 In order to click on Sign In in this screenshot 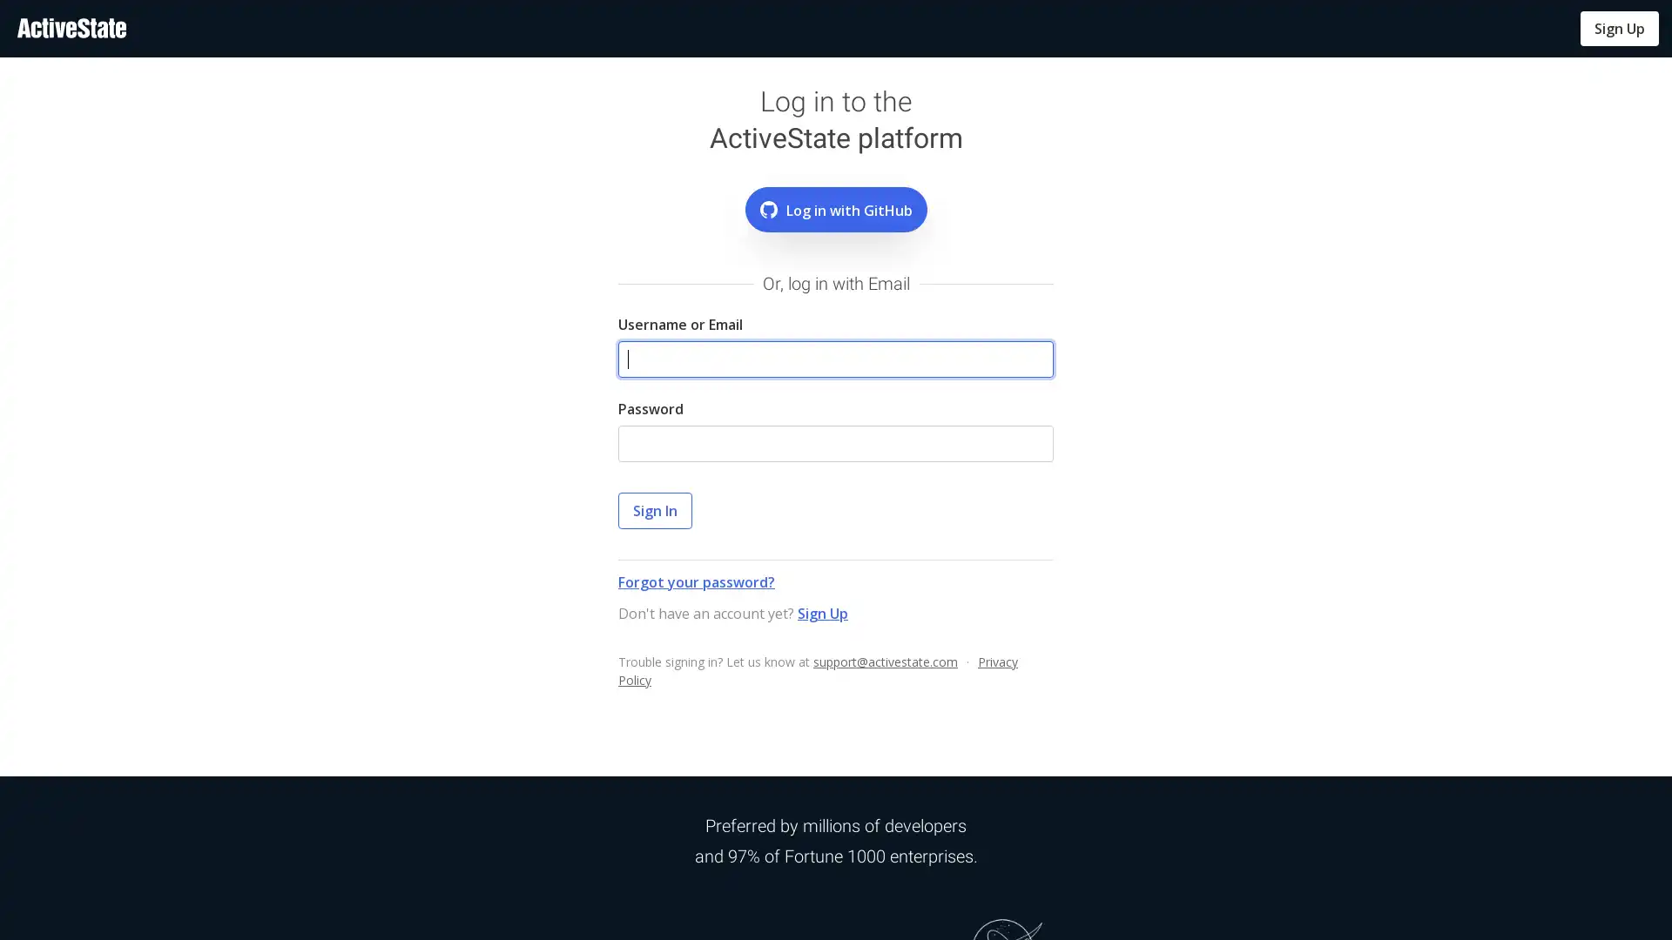, I will do `click(654, 509)`.